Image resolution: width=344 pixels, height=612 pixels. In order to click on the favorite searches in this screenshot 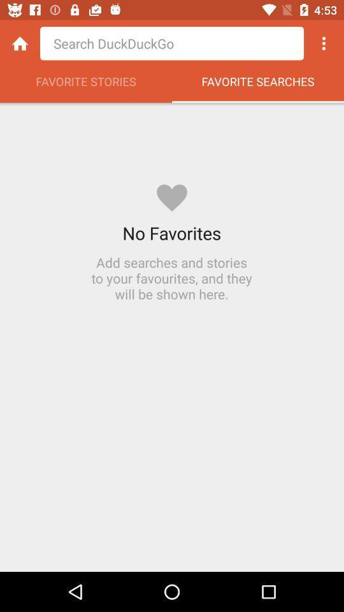, I will do `click(258, 84)`.